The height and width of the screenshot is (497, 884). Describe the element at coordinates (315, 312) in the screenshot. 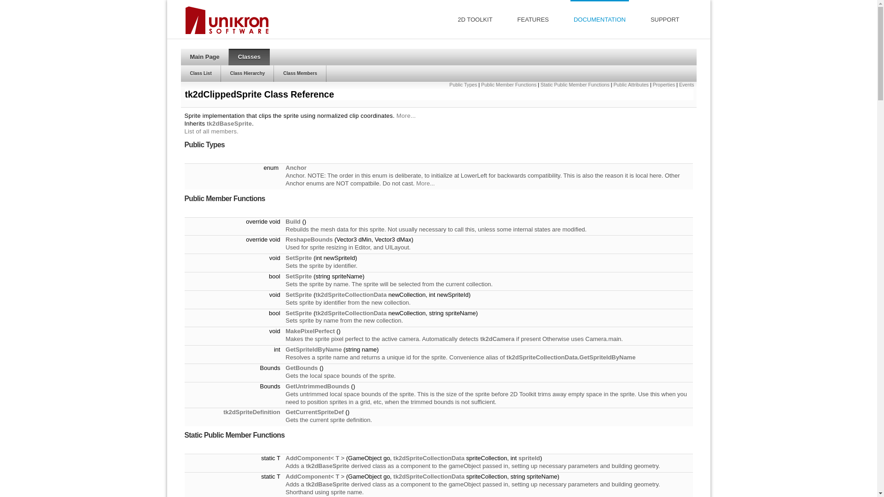

I see `'tk2dSpriteCollectionData'` at that location.